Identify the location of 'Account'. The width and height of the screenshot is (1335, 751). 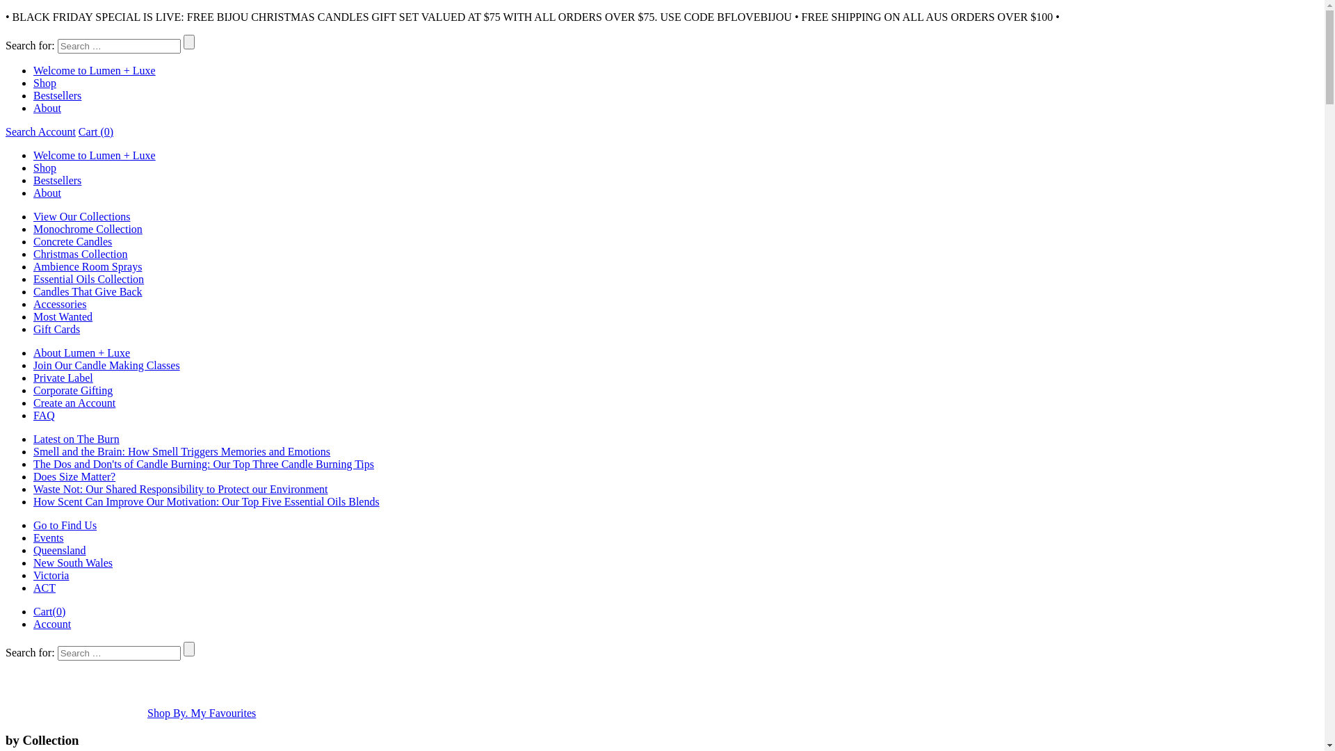
(38, 131).